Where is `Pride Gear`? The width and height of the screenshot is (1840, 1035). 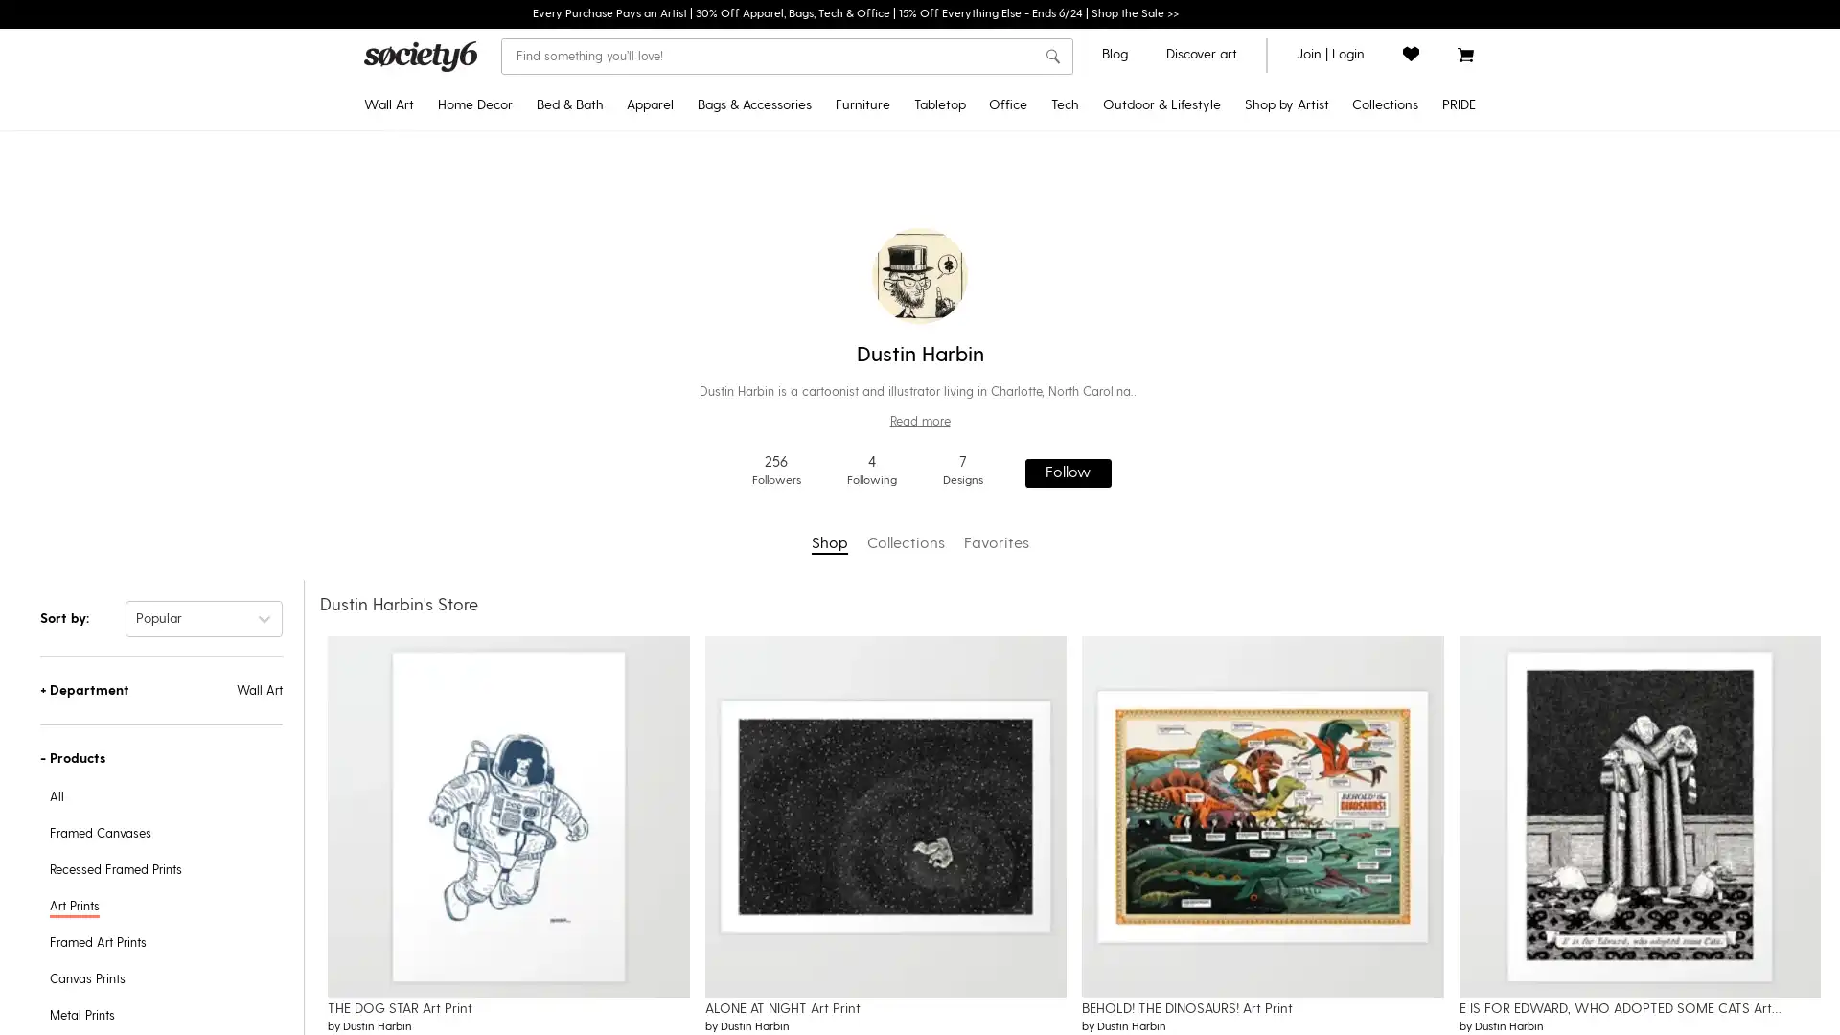
Pride Gear is located at coordinates (1382, 215).